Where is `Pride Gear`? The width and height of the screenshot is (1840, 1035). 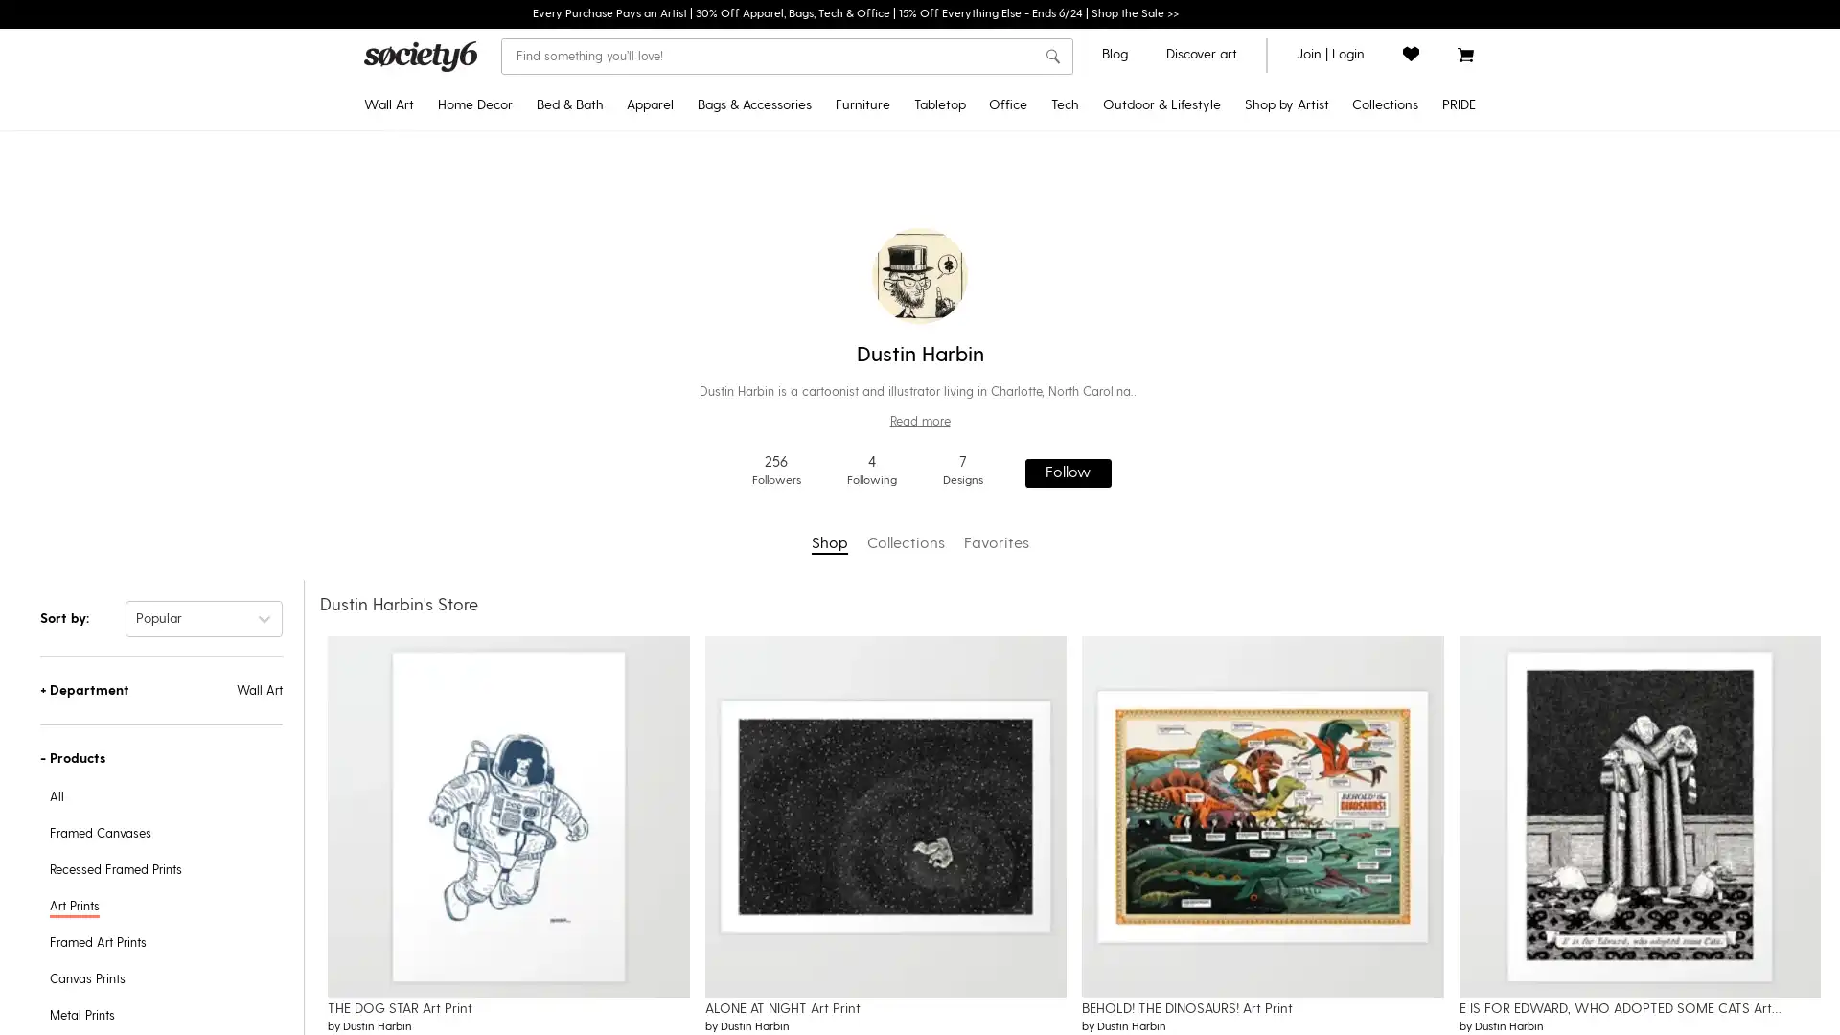
Pride Gear is located at coordinates (1382, 215).